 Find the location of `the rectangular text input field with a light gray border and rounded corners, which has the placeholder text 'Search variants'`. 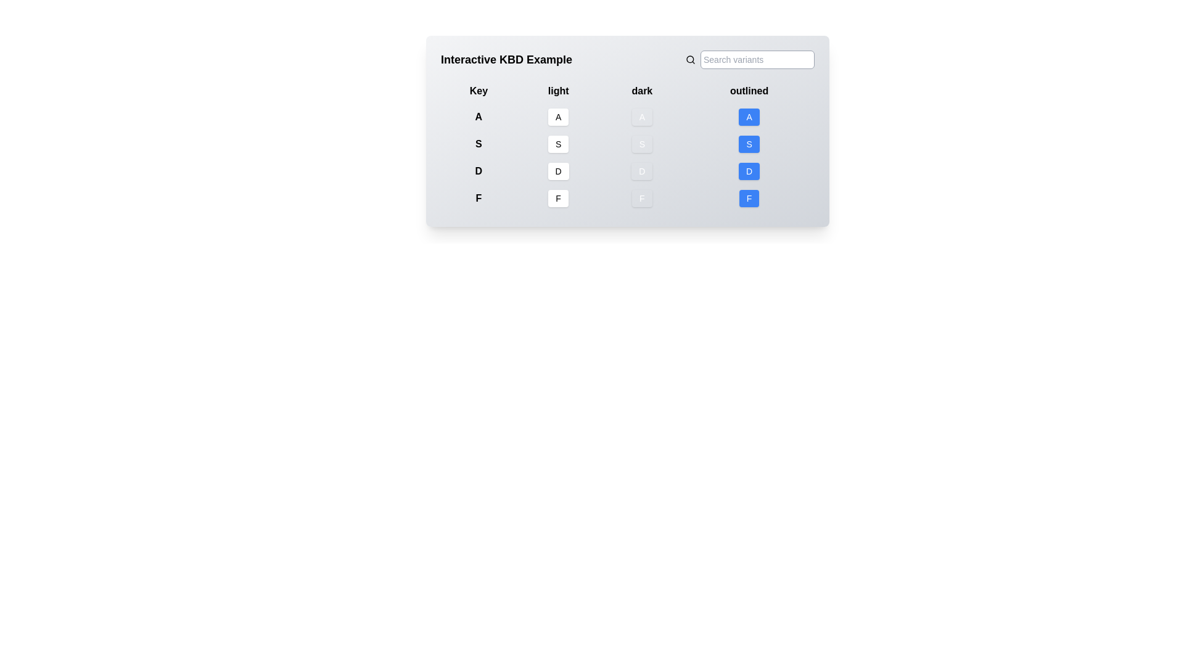

the rectangular text input field with a light gray border and rounded corners, which has the placeholder text 'Search variants' is located at coordinates (757, 59).